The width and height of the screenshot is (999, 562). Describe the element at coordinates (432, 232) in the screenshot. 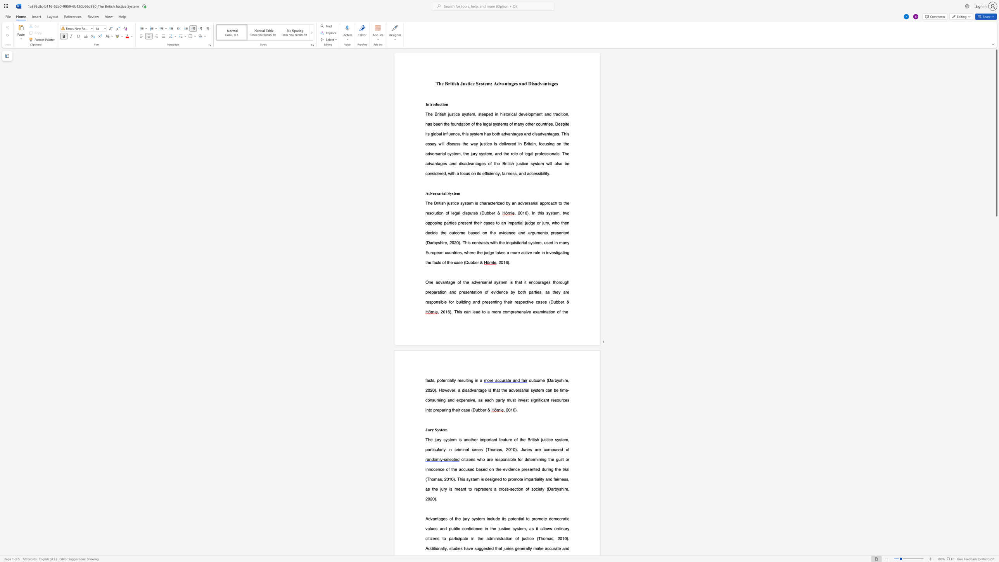

I see `the subset text "ide the outcome based on the evidence and ar" within the text ". In this system, two opposing parties present their cases to an impartial judge or jury, who then decide the outcome based on the evidence and arguments presented (Darbyshire,"` at that location.